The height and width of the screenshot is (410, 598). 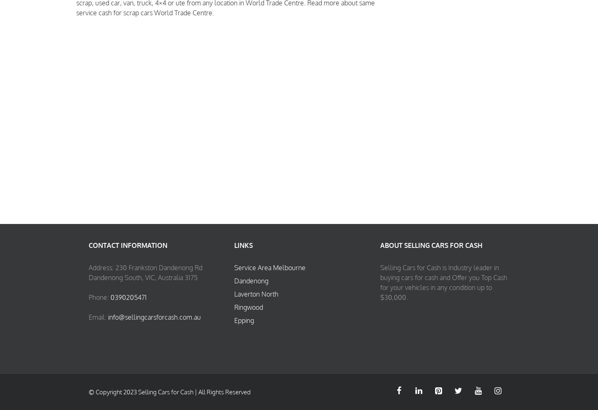 I want to click on 'Email:', so click(x=98, y=316).